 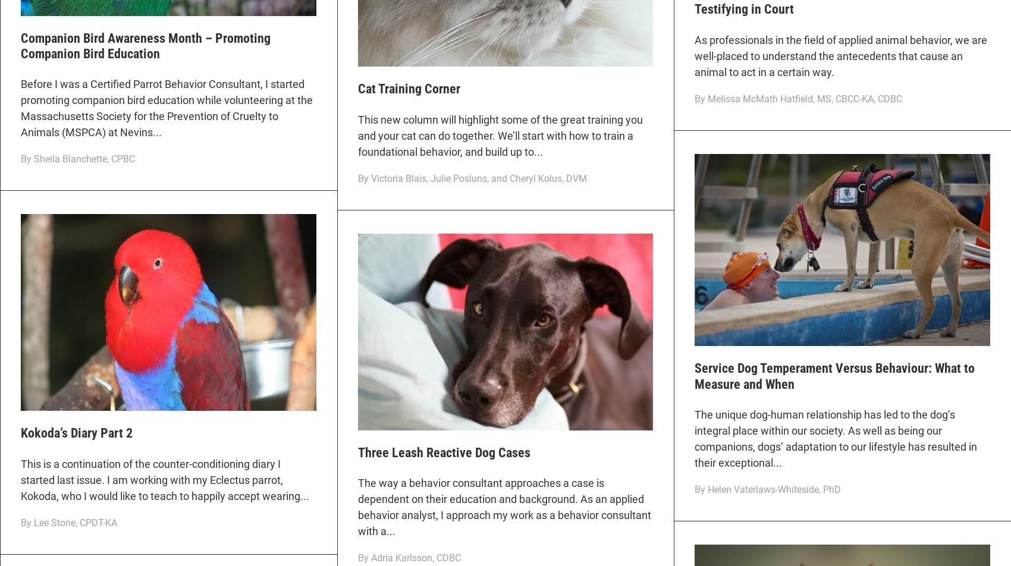 I want to click on 'The unique dog-human relationship has led to the dog’s integral place within our society. As well as being our companions, dogs’ adaptation to our lifestyle has resulted in their exceptional...', so click(x=835, y=438).